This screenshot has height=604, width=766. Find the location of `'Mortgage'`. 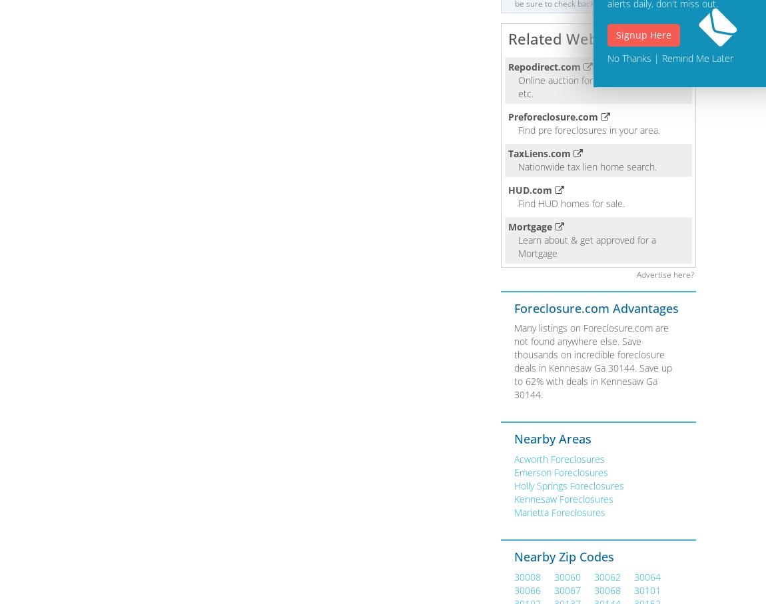

'Mortgage' is located at coordinates (530, 225).